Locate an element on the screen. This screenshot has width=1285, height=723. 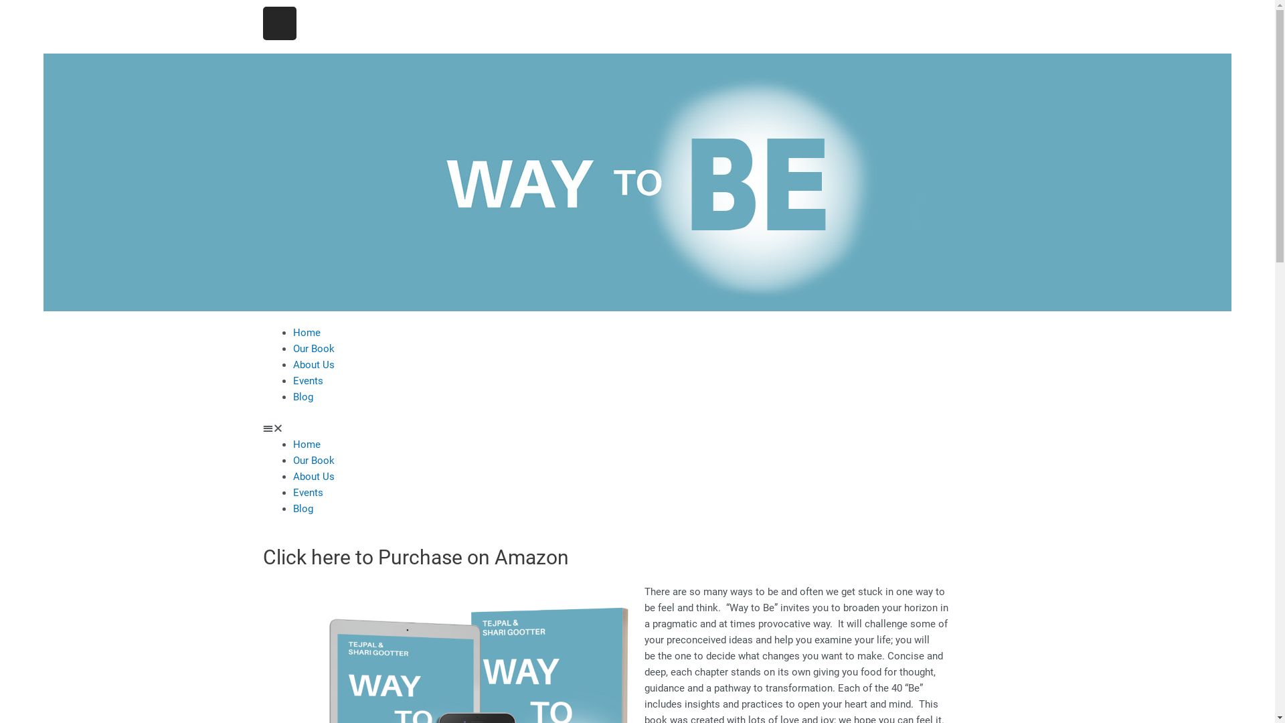
'Home' is located at coordinates (306, 332).